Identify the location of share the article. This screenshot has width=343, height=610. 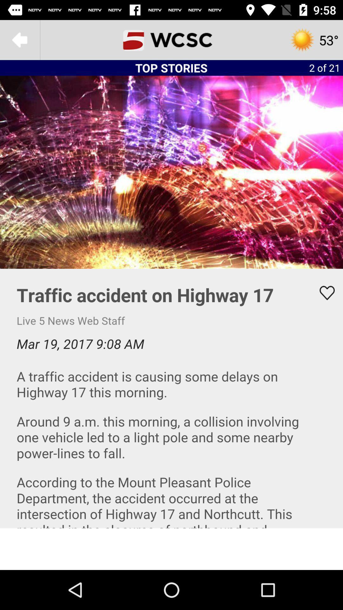
(323, 293).